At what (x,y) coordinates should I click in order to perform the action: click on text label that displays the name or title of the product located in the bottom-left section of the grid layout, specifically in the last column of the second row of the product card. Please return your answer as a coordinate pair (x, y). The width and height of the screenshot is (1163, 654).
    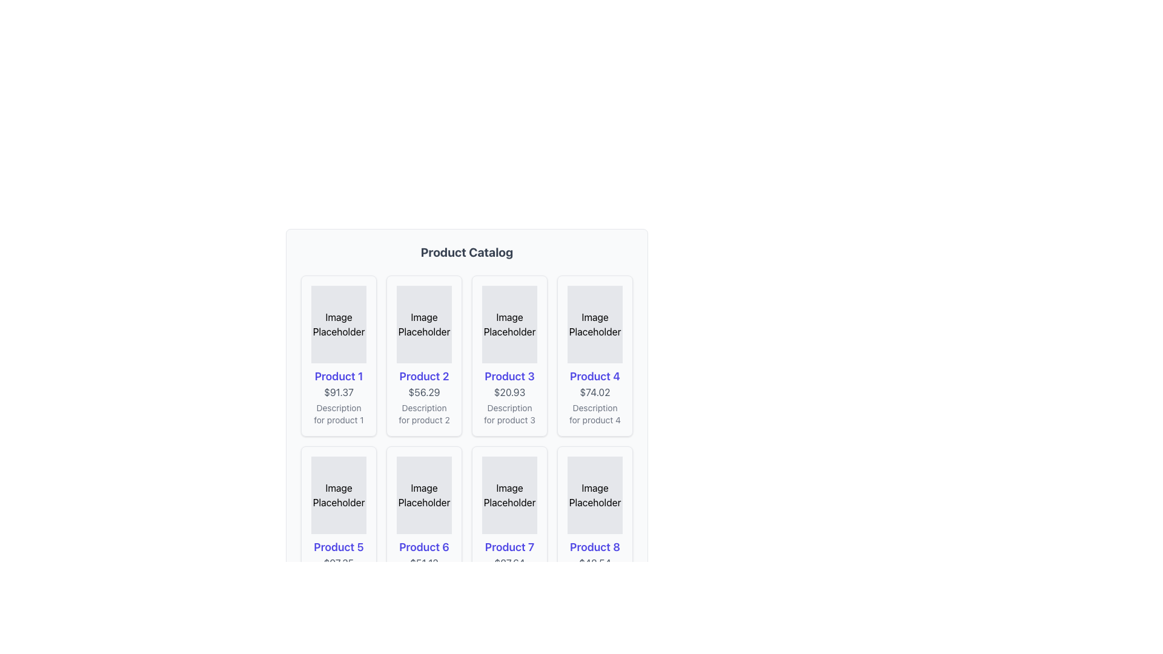
    Looking at the image, I should click on (595, 547).